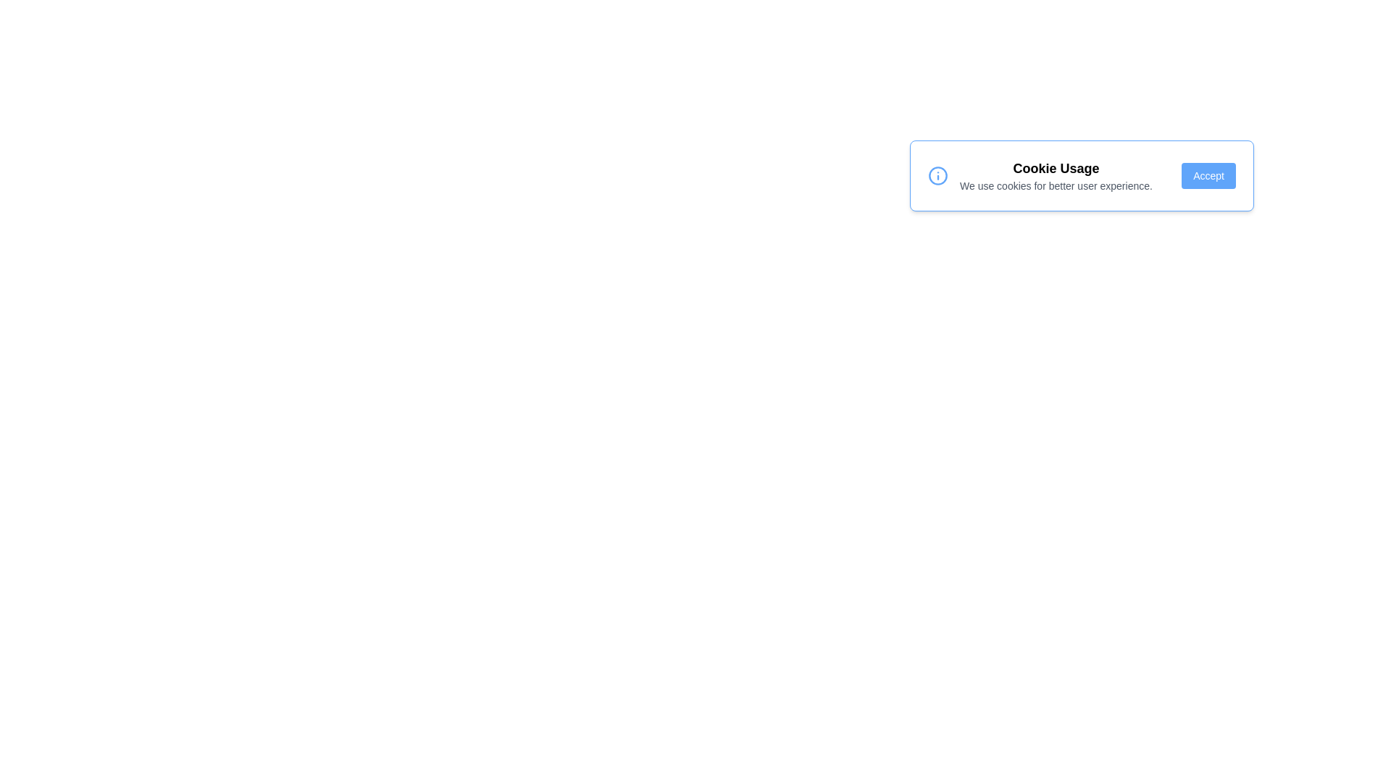 The width and height of the screenshot is (1391, 782). What do you see at coordinates (938, 175) in the screenshot?
I see `the circular informational icon with a blue outline and central letter 'i' located at the top-left corner of the notification card near the text 'Cookie Usage'` at bounding box center [938, 175].